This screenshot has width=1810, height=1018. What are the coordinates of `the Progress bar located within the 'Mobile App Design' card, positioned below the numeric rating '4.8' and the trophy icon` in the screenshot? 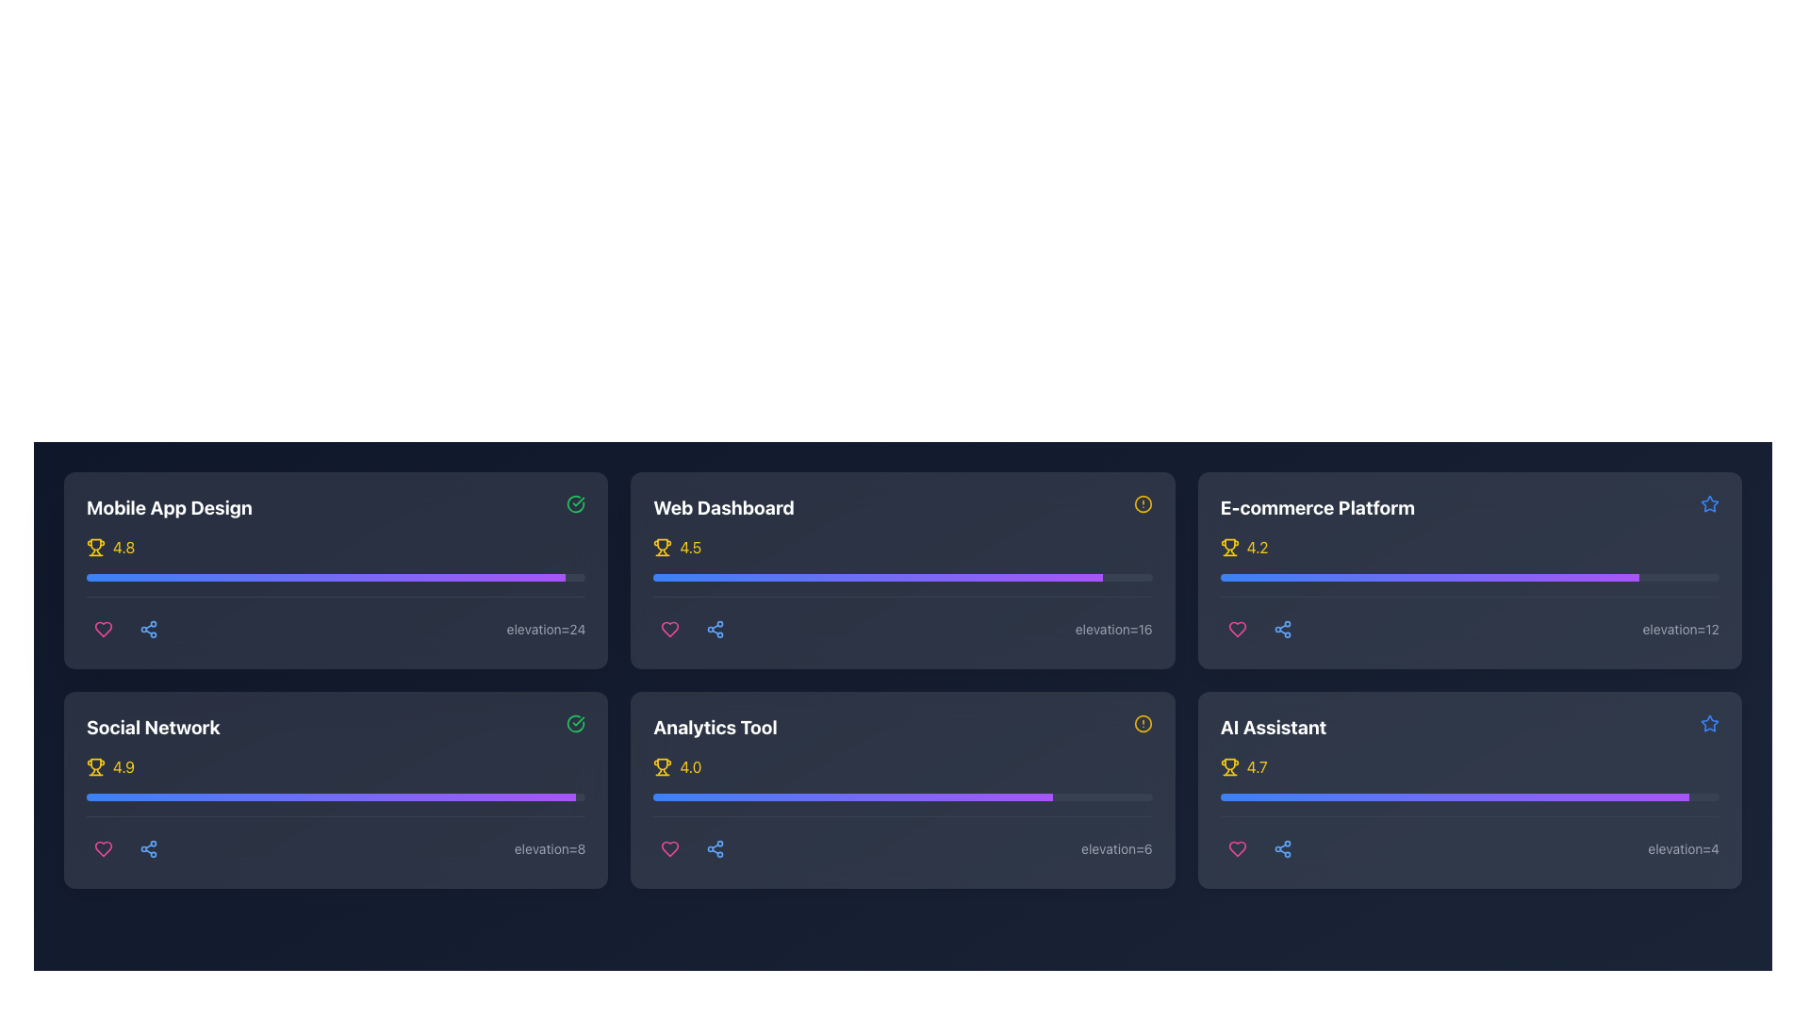 It's located at (336, 577).